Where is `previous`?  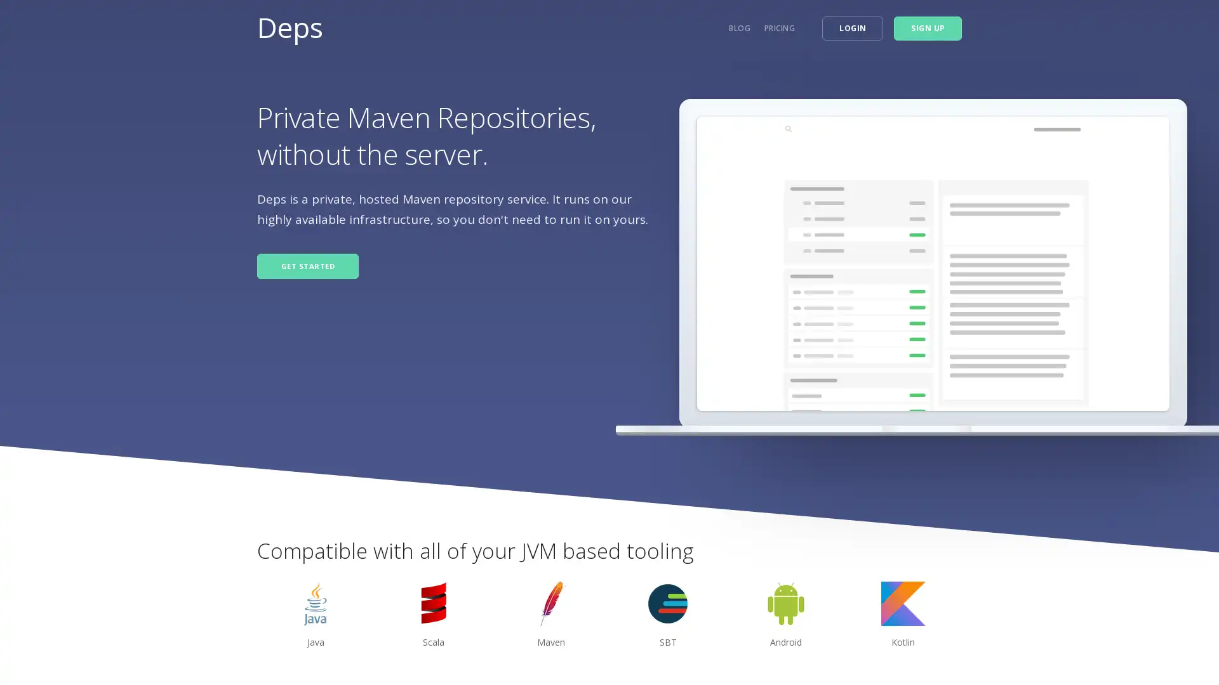 previous is located at coordinates (269, 615).